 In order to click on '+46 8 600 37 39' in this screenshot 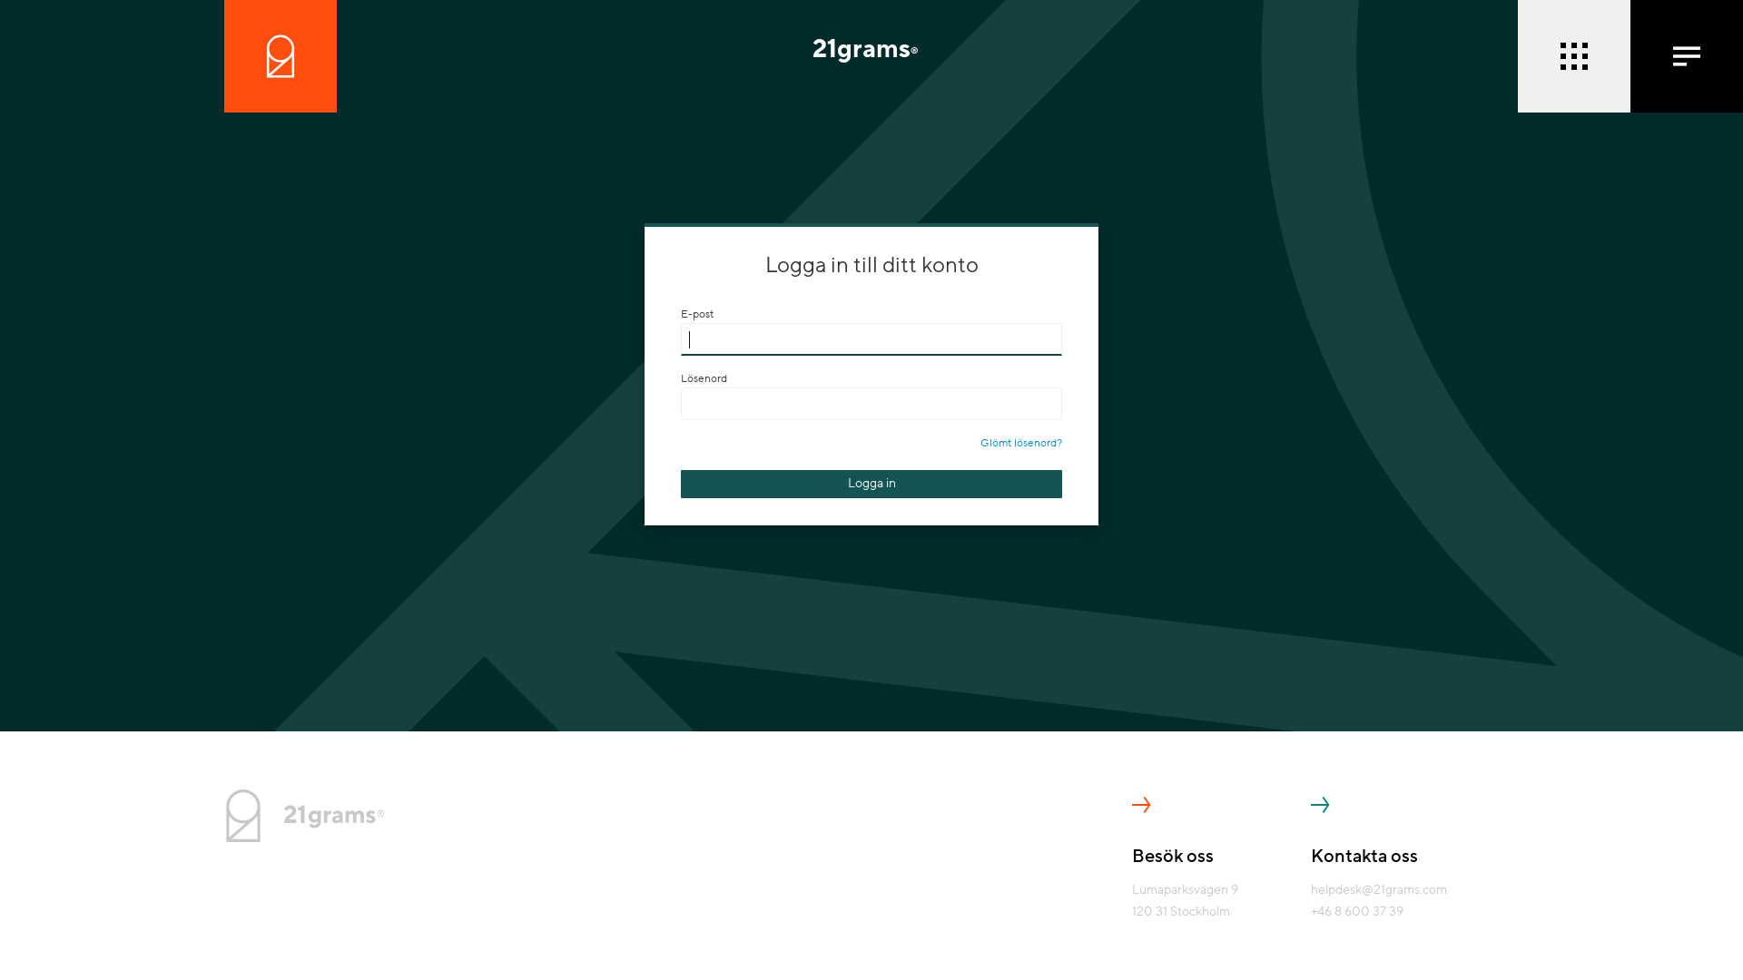, I will do `click(1311, 911)`.